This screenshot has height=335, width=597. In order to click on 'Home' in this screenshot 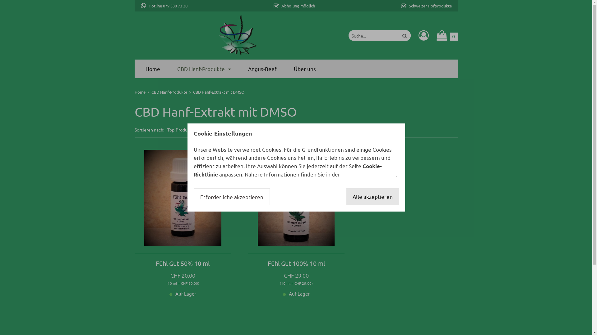, I will do `click(153, 69)`.